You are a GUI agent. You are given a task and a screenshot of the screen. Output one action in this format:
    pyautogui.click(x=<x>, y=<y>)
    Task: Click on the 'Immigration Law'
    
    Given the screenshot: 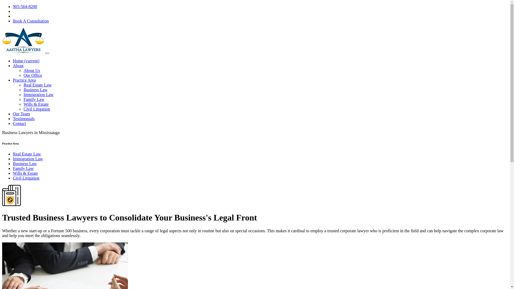 What is the action you would take?
    pyautogui.click(x=38, y=94)
    